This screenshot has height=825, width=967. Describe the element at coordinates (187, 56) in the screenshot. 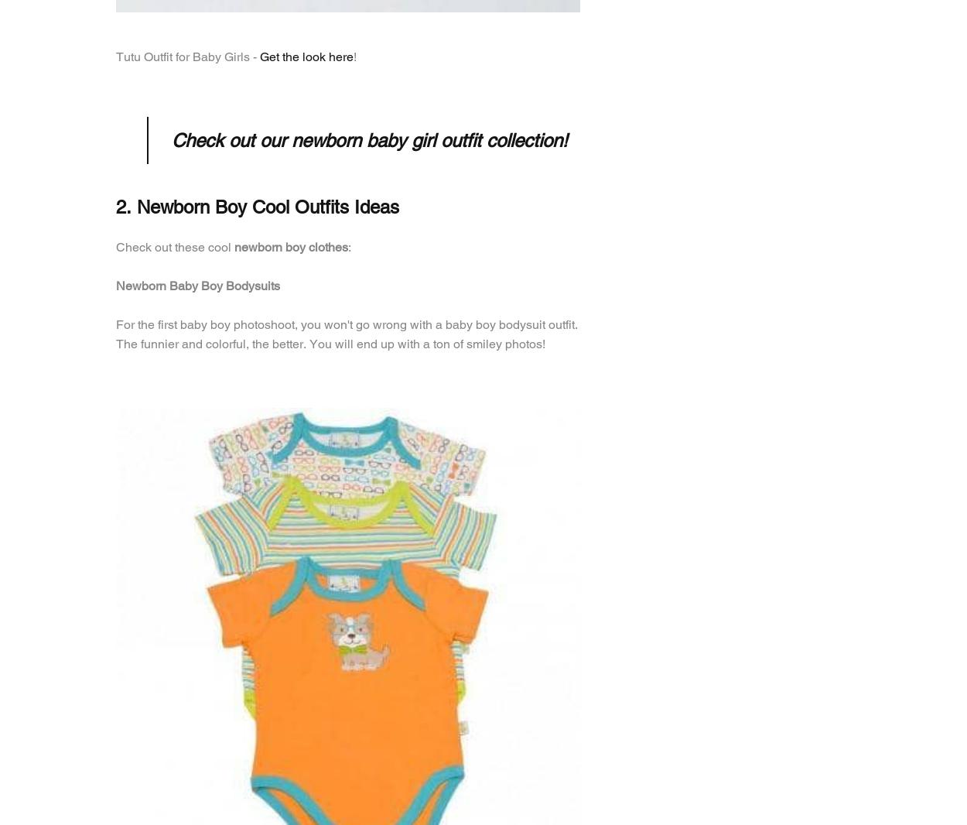

I see `'Tutu Outfit for Baby Girls -'` at that location.